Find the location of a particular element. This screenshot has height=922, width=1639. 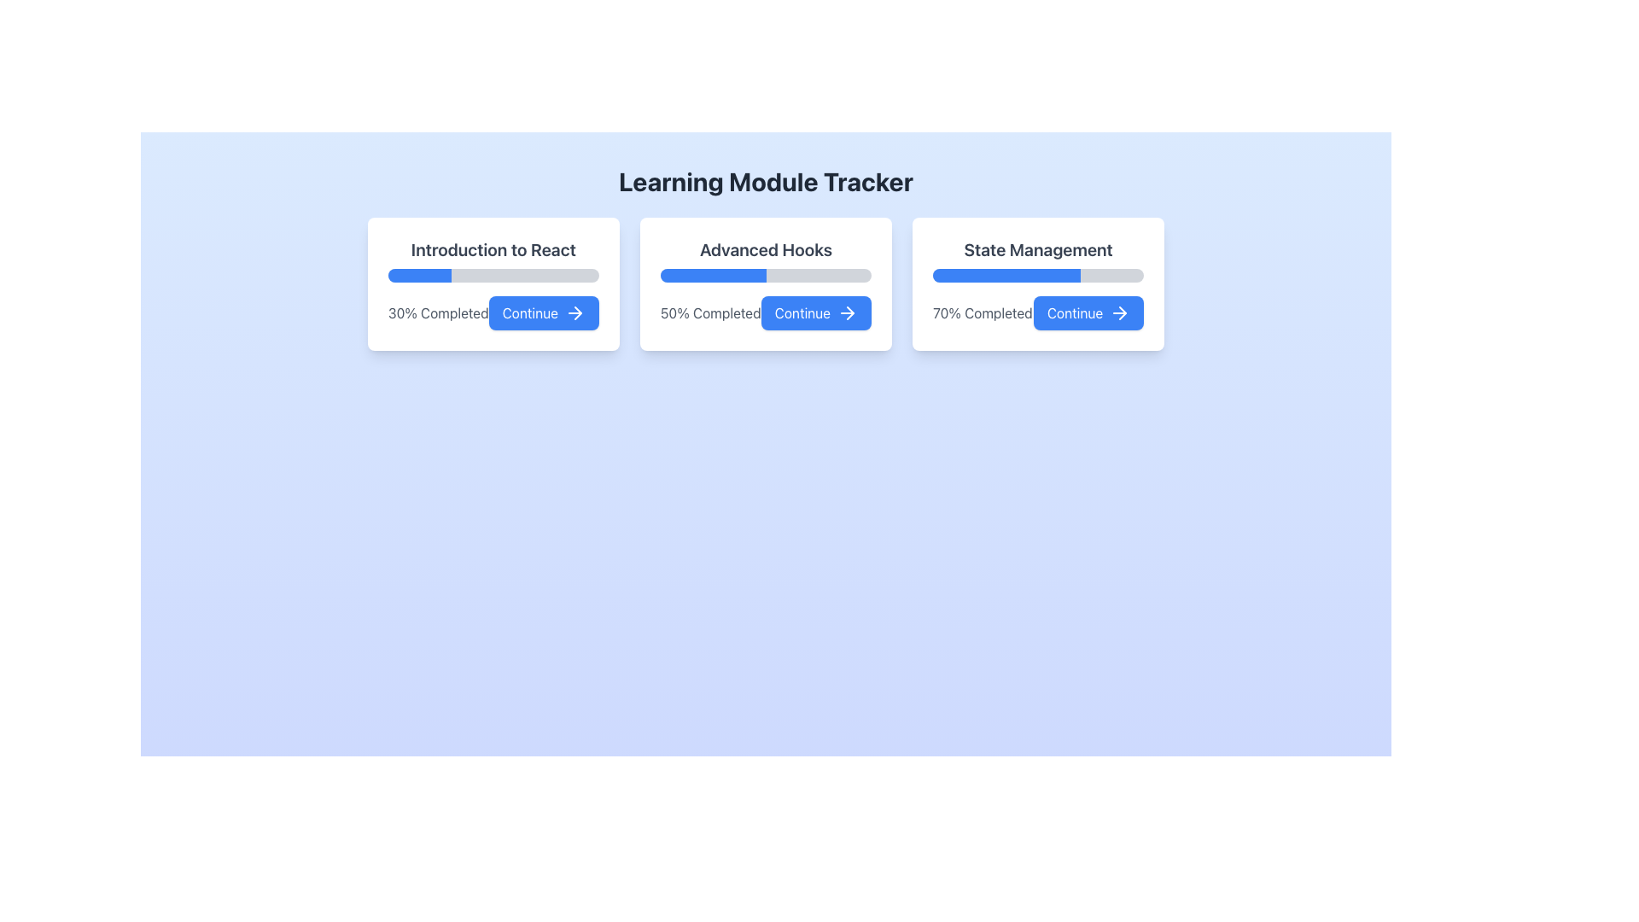

the Progress indicator (filling bar) that visually indicates 70% completion of the 'State Management' module, located in the 'Learning Module Tracker' section is located at coordinates (1006, 275).